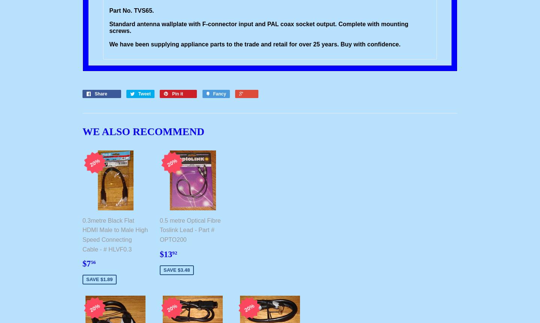 Image resolution: width=540 pixels, height=323 pixels. What do you see at coordinates (100, 94) in the screenshot?
I see `'Share'` at bounding box center [100, 94].